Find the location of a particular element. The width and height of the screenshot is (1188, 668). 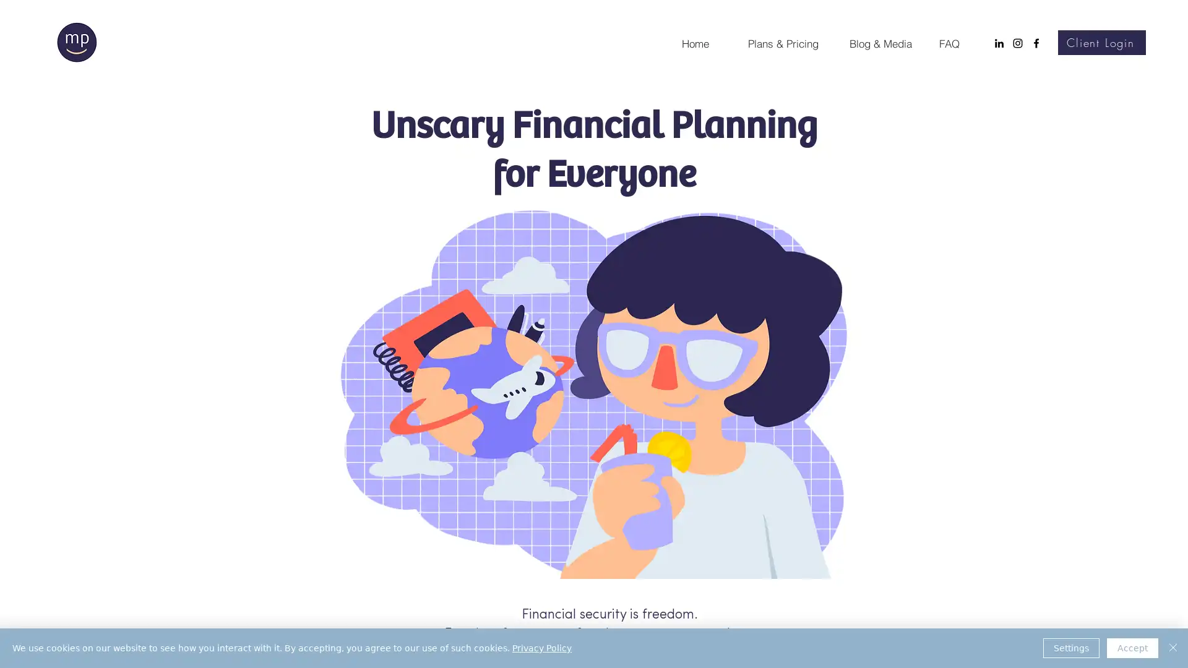

Settings is located at coordinates (1070, 648).